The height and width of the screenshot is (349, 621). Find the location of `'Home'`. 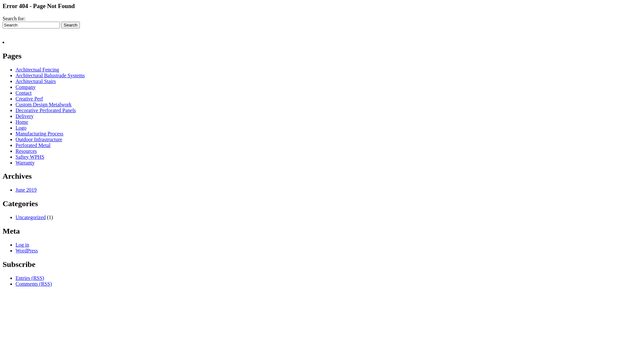

'Home' is located at coordinates (22, 122).